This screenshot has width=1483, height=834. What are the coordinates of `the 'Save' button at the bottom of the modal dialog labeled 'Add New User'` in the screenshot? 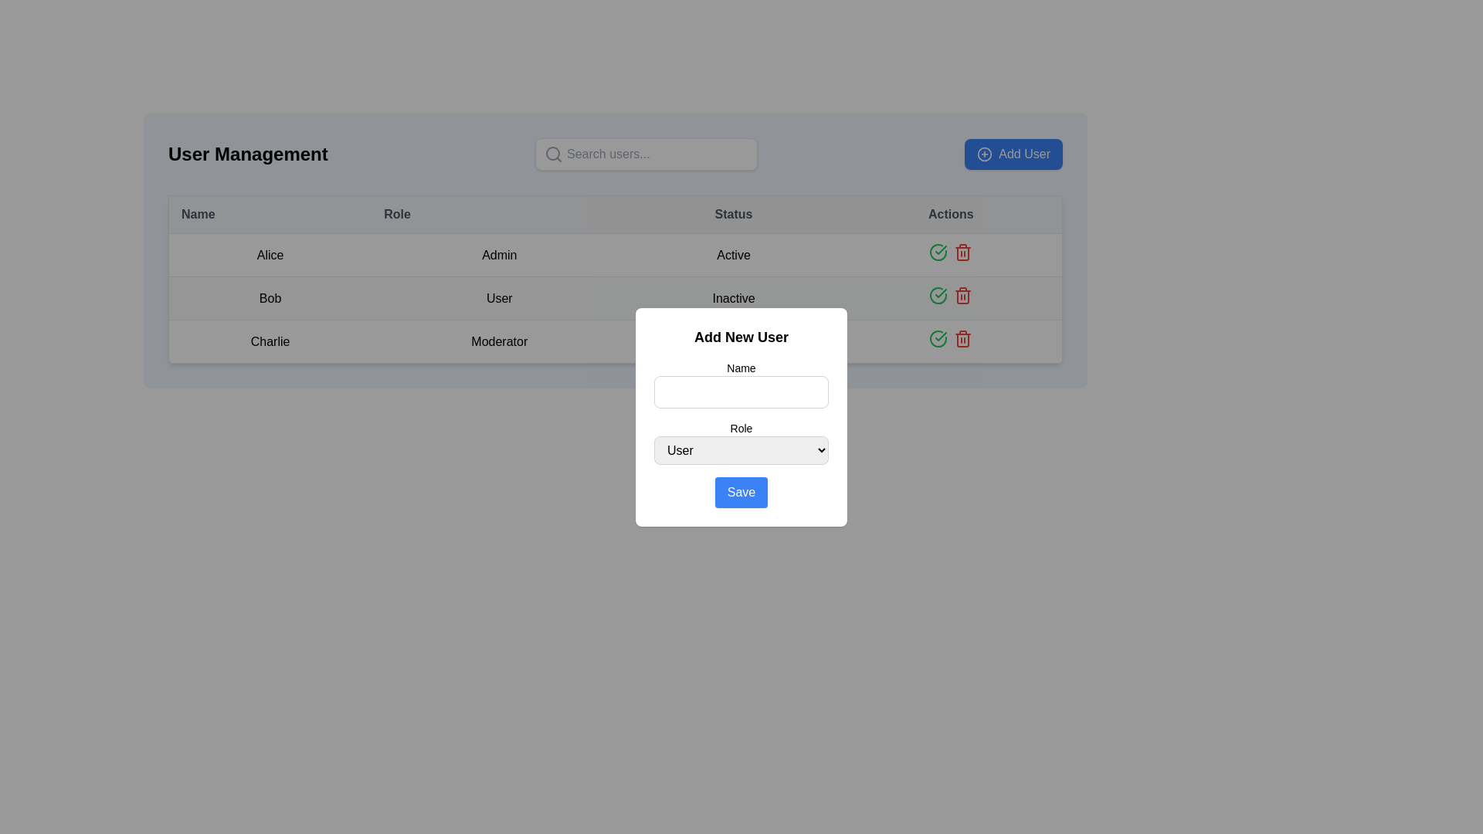 It's located at (741, 492).